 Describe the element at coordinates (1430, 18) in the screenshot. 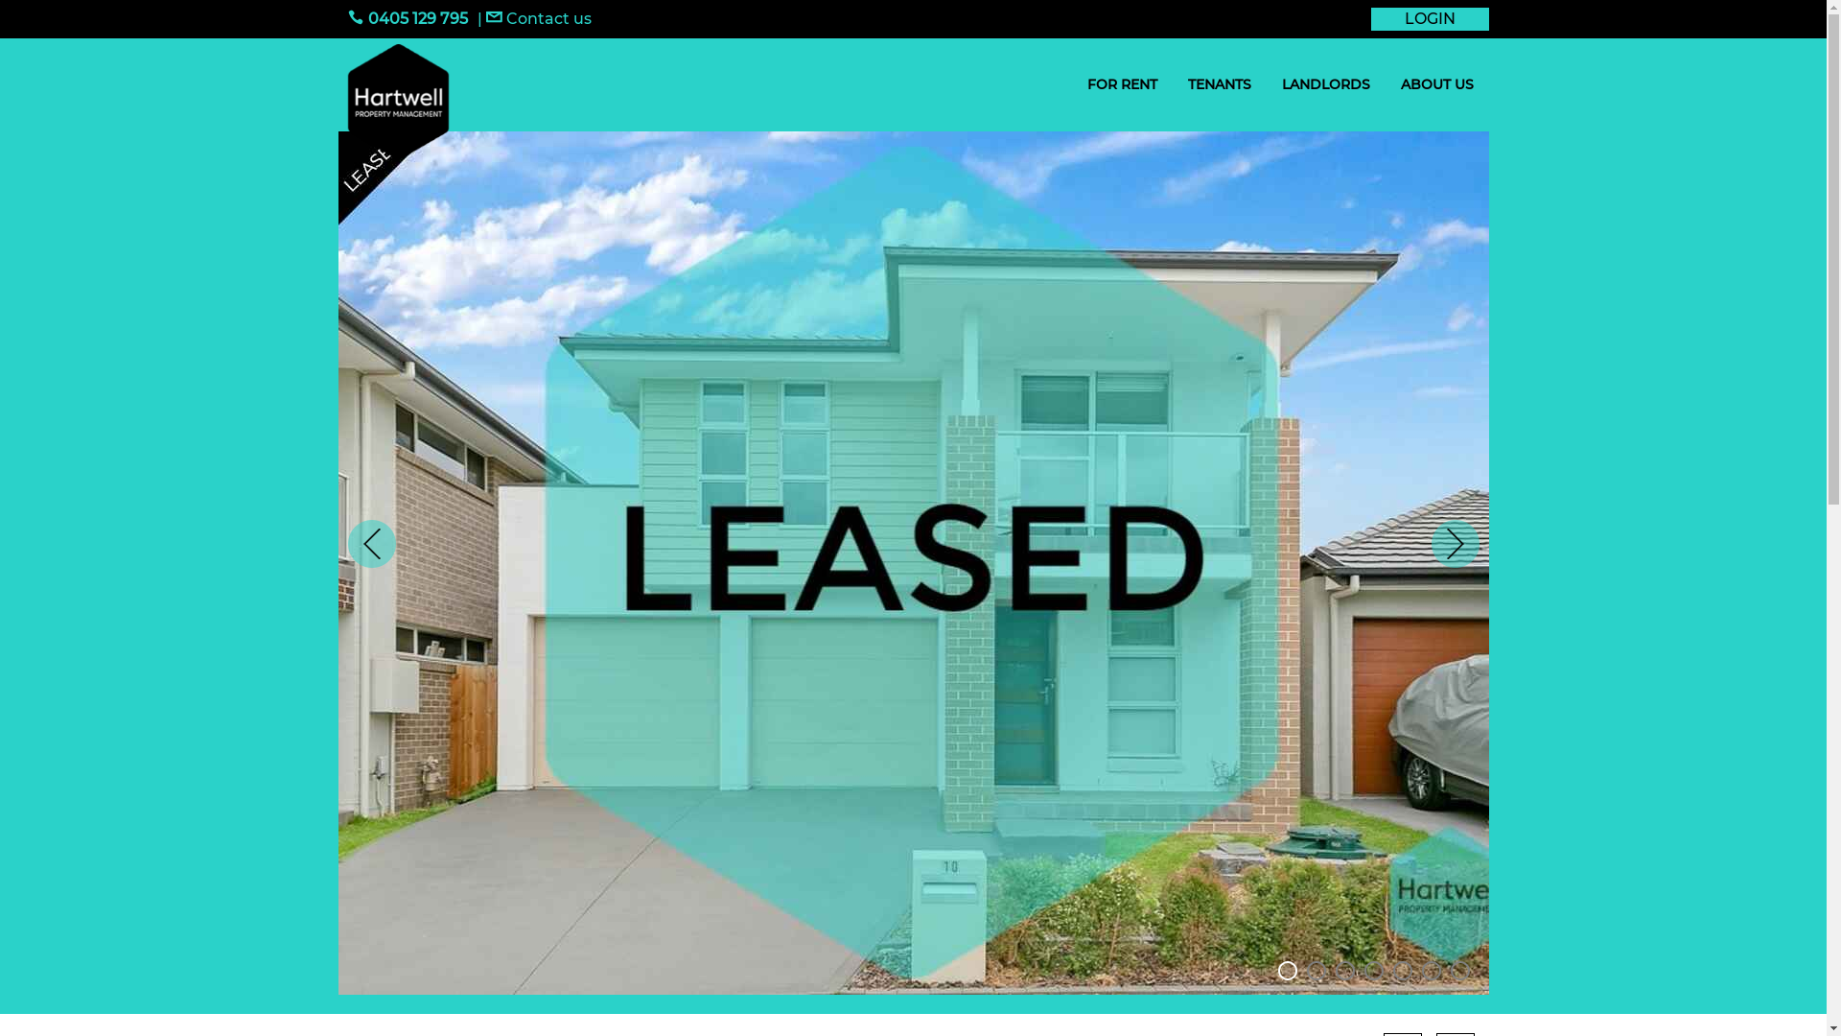

I see `'LOGIN'` at that location.